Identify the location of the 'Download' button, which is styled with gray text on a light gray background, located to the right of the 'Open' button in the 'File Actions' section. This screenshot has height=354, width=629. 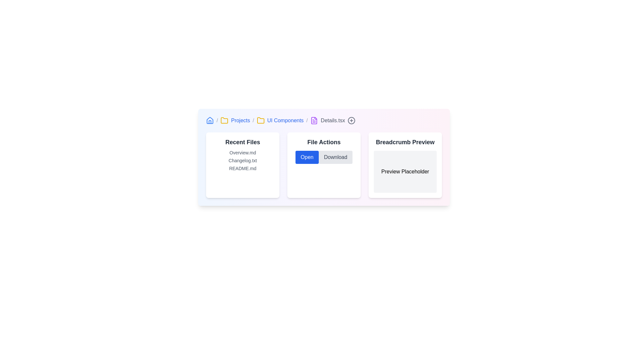
(335, 157).